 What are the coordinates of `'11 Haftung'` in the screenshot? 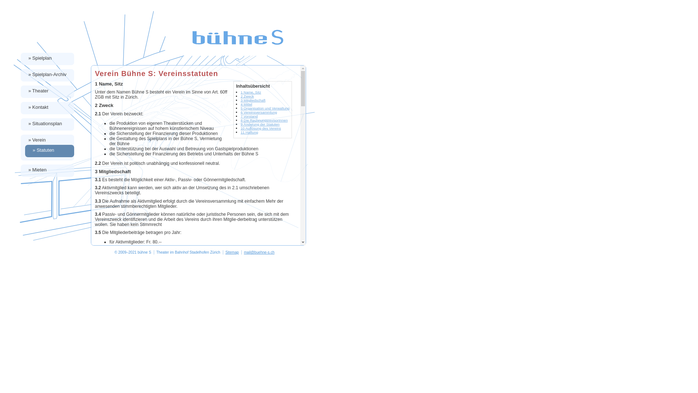 It's located at (249, 132).